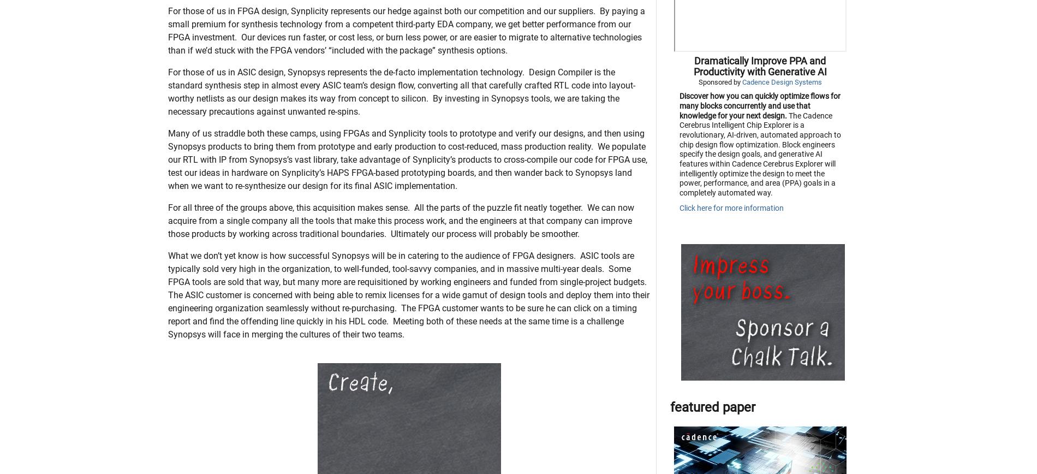 The image size is (1037, 474). What do you see at coordinates (406, 214) in the screenshot?
I see `'Many of us straddle both these camps, using FPGAs and Synplicity tools to prototype and verify our designs, and then using Synopsys products to bring them from prototype and early production to cost-reduced, mass production reality.  We populate our RTL with IP from Synopsys’s vast library, take advantage of Synplicity’s products to cross-compile our code for FPGA use, test our ideas in hardware on Synplicity’s HAPS FPGA-based prototyping boards, and then wander back to Synopsys land when we want to re-synthesize our design for its final ASIC implementation.'` at bounding box center [406, 214].